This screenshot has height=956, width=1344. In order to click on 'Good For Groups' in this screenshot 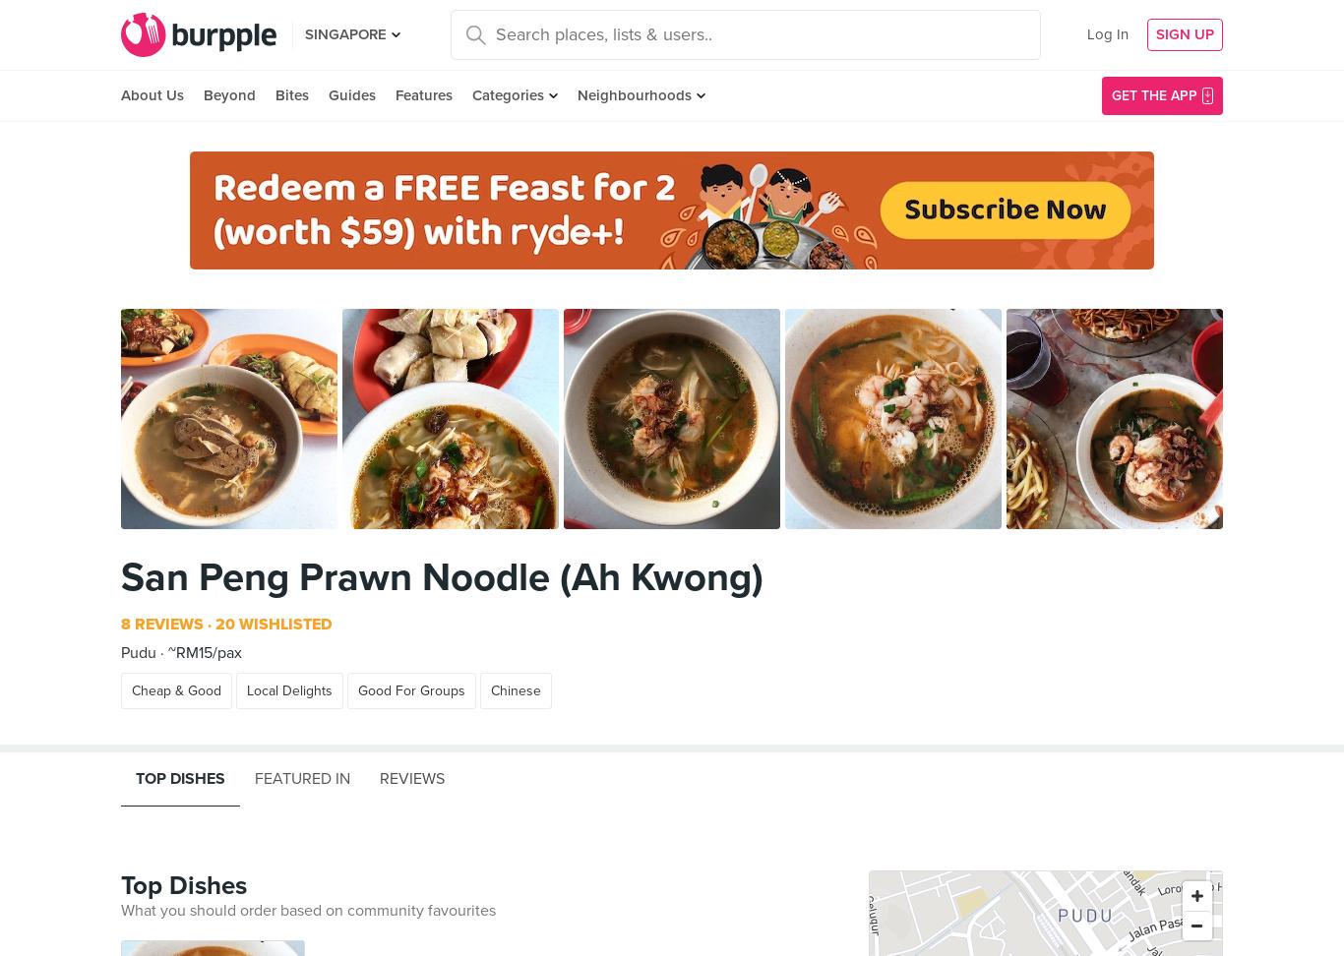, I will do `click(357, 689)`.